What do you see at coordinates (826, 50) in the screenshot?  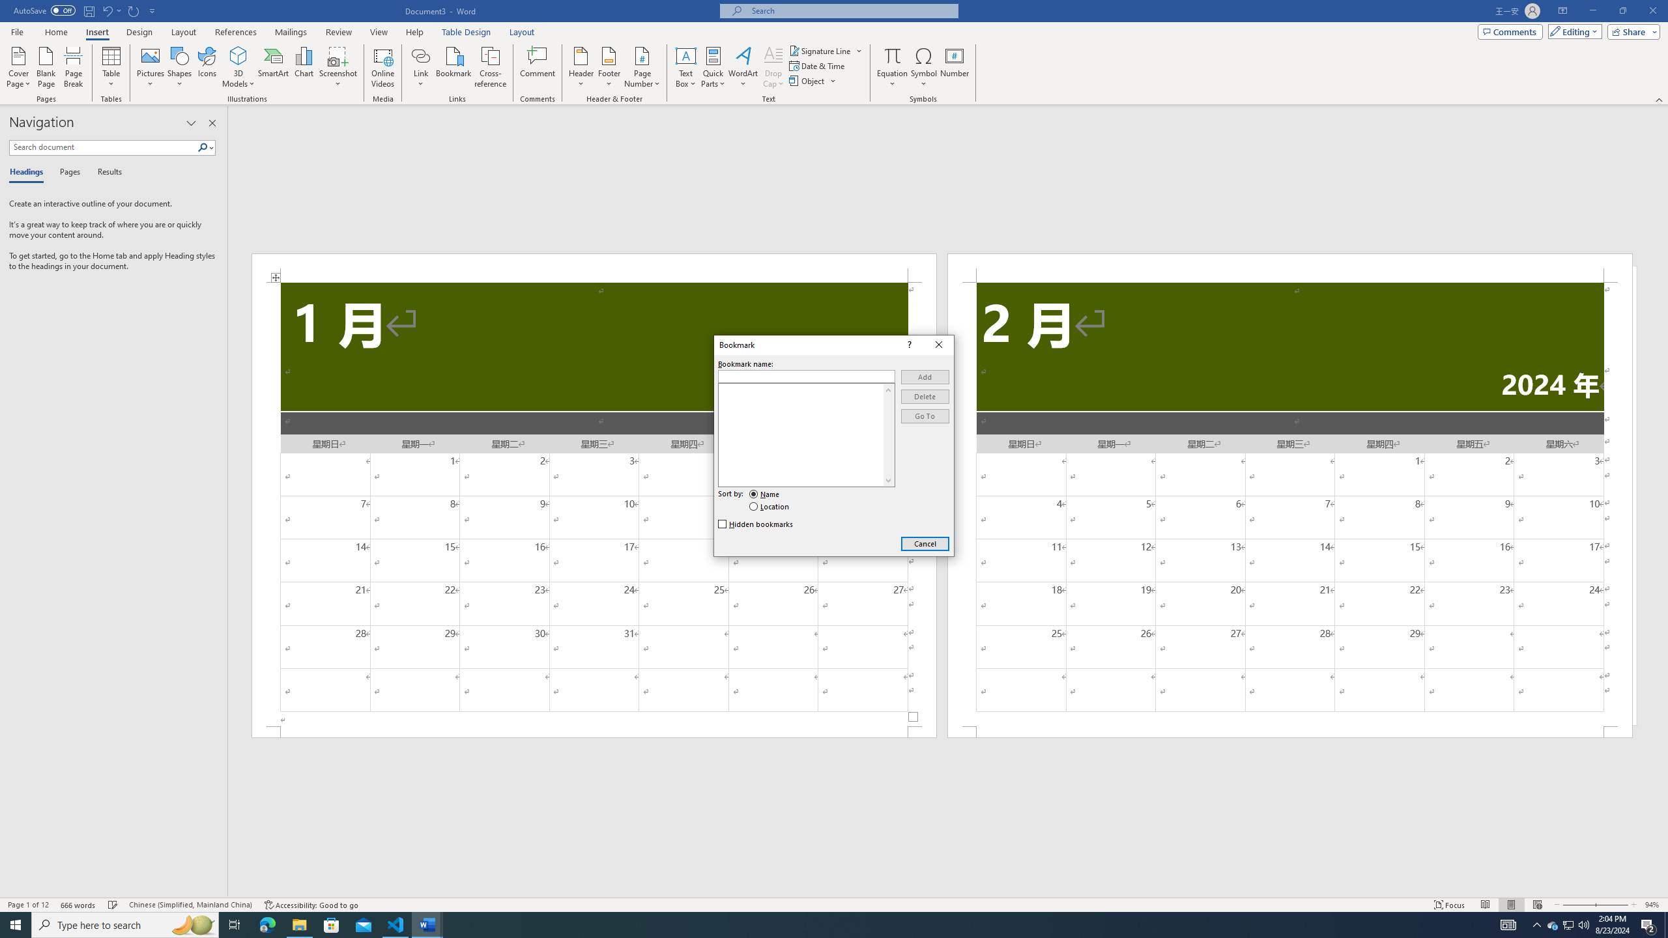 I see `'Signature Line'` at bounding box center [826, 50].